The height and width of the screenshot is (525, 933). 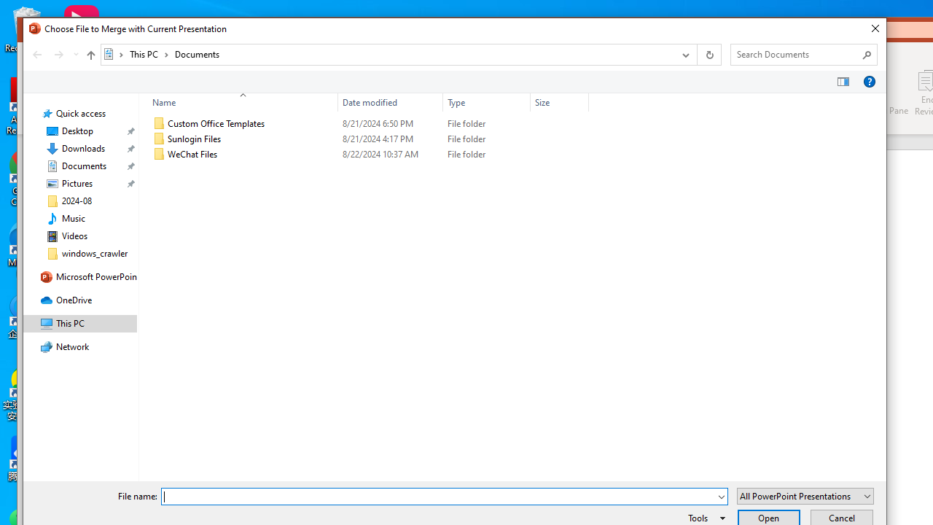 What do you see at coordinates (90, 54) in the screenshot?
I see `'Up to "This PC" (Alt + Up Arrow)'` at bounding box center [90, 54].